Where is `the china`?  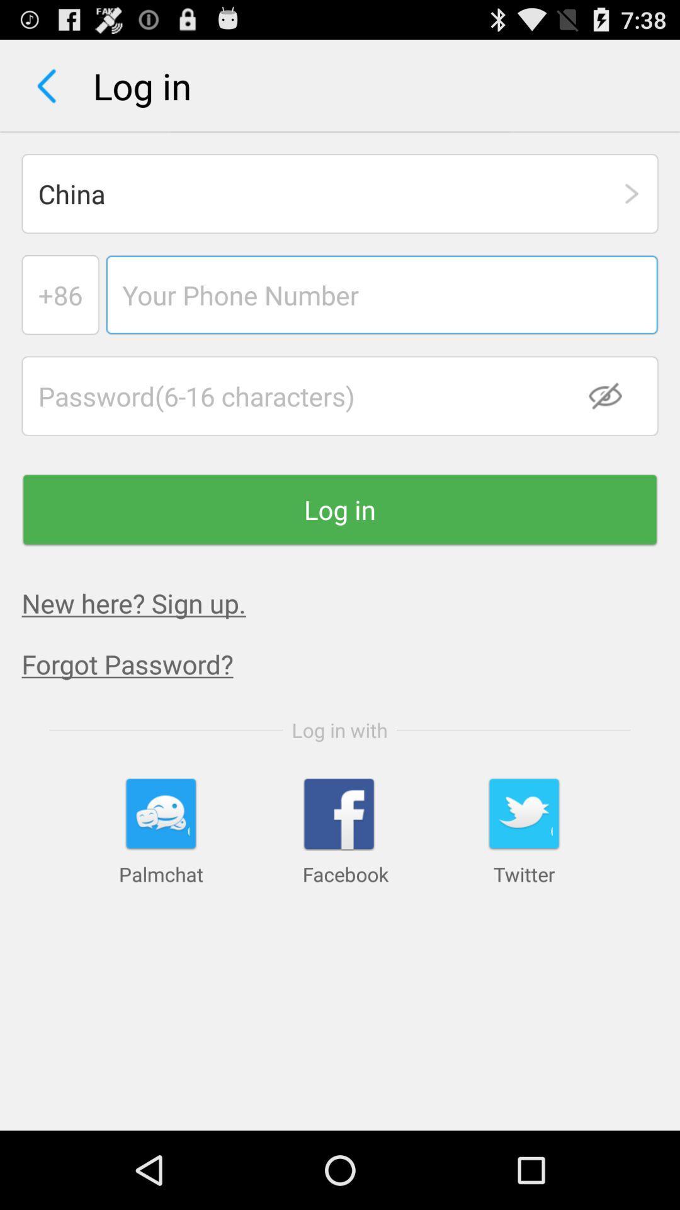
the china is located at coordinates (340, 193).